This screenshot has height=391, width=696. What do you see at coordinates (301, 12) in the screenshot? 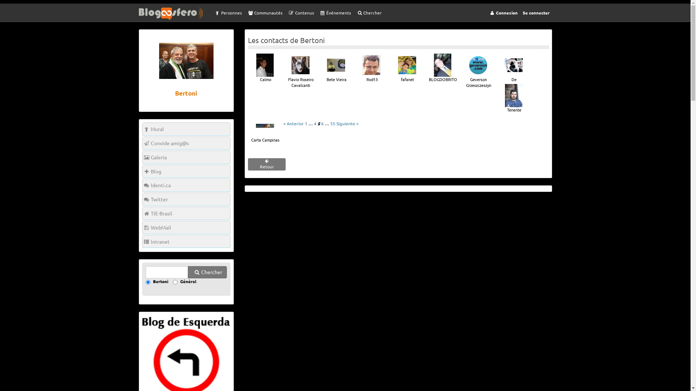
I see `'Contenus'` at bounding box center [301, 12].